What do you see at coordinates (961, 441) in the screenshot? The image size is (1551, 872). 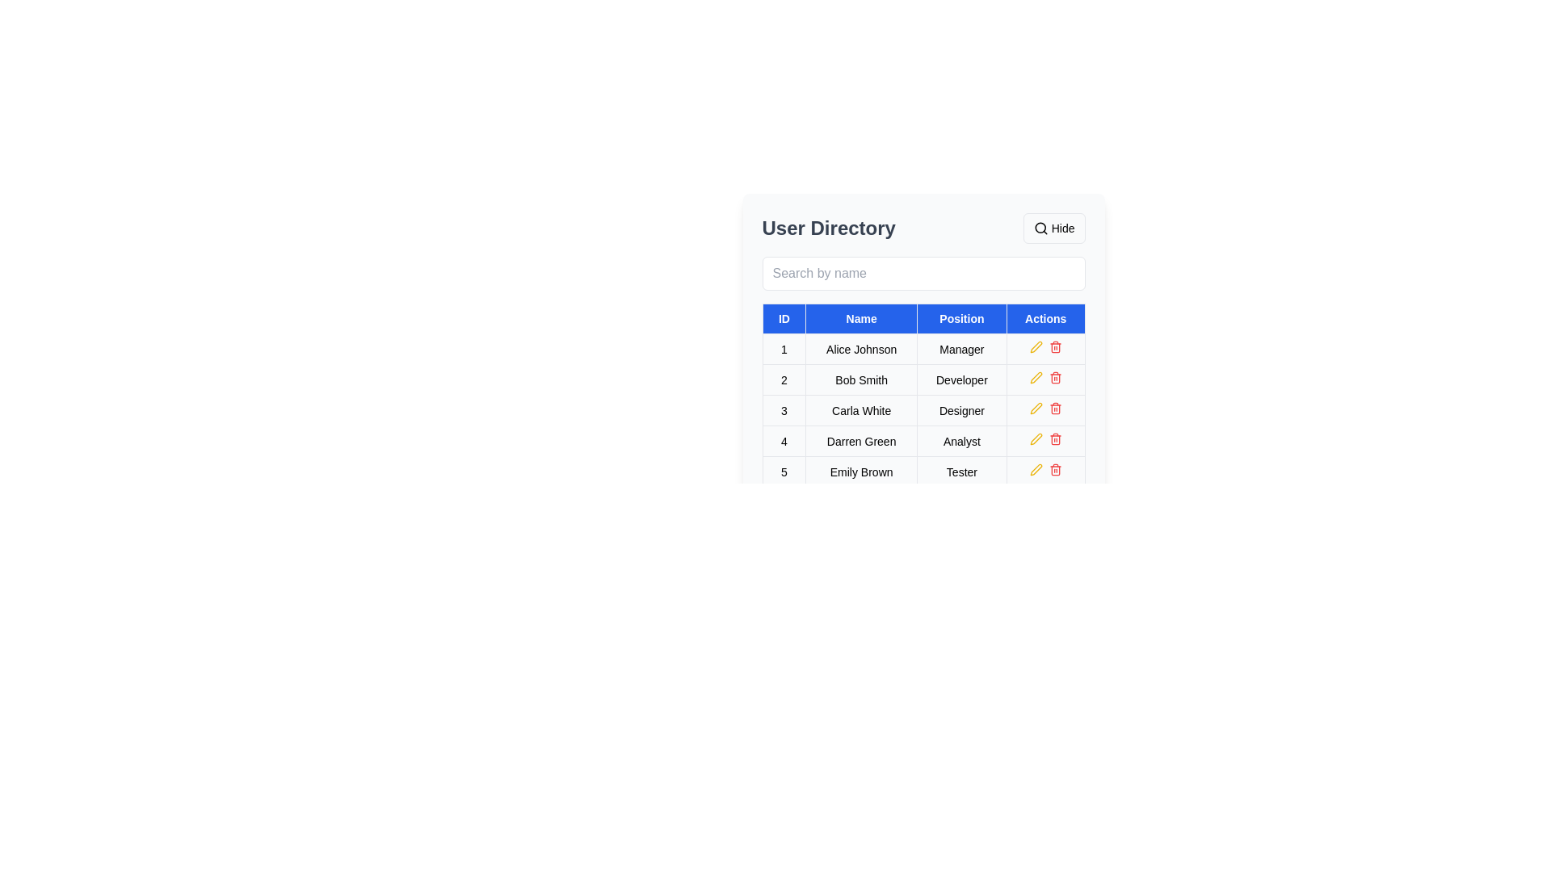 I see `the static text label displaying the job title 'Analyst' for the individual 'Darren Green' in the fourth row of the user directory table` at bounding box center [961, 441].